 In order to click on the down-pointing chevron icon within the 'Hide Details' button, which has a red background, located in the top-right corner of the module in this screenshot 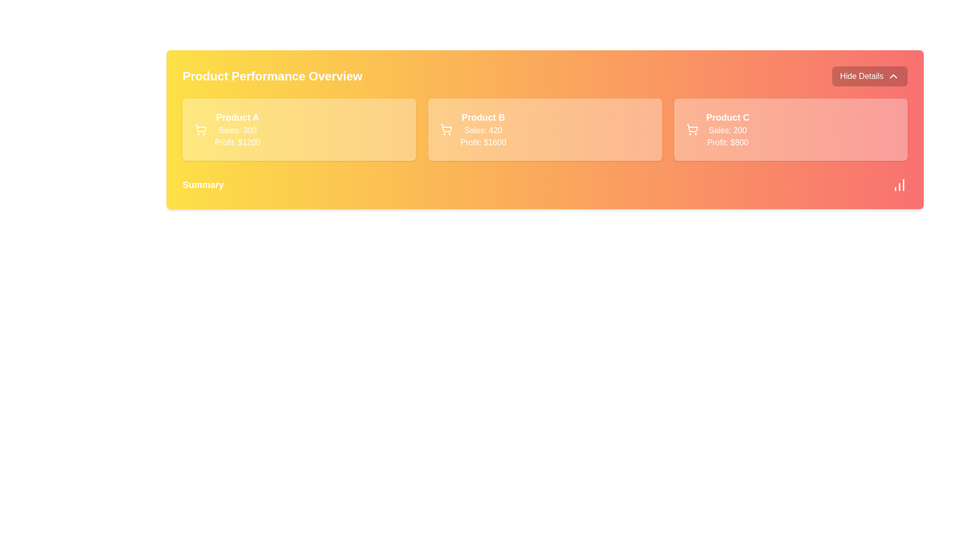, I will do `click(894, 75)`.